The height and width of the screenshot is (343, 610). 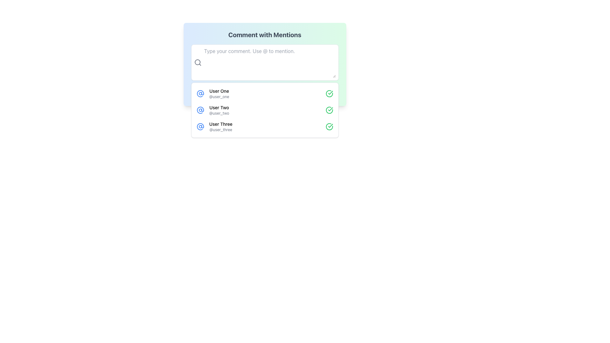 What do you see at coordinates (265, 126) in the screenshot?
I see `the third entry in the selection menu` at bounding box center [265, 126].